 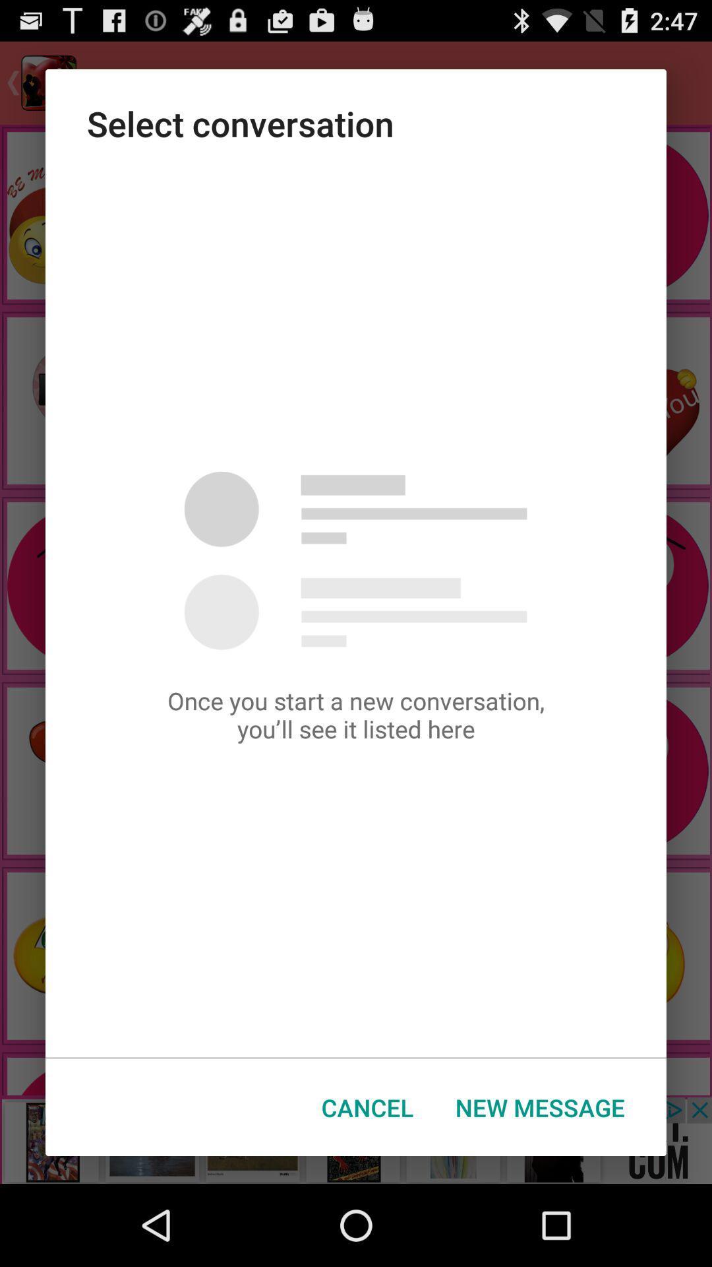 What do you see at coordinates (540, 1107) in the screenshot?
I see `the button at the bottom right corner` at bounding box center [540, 1107].